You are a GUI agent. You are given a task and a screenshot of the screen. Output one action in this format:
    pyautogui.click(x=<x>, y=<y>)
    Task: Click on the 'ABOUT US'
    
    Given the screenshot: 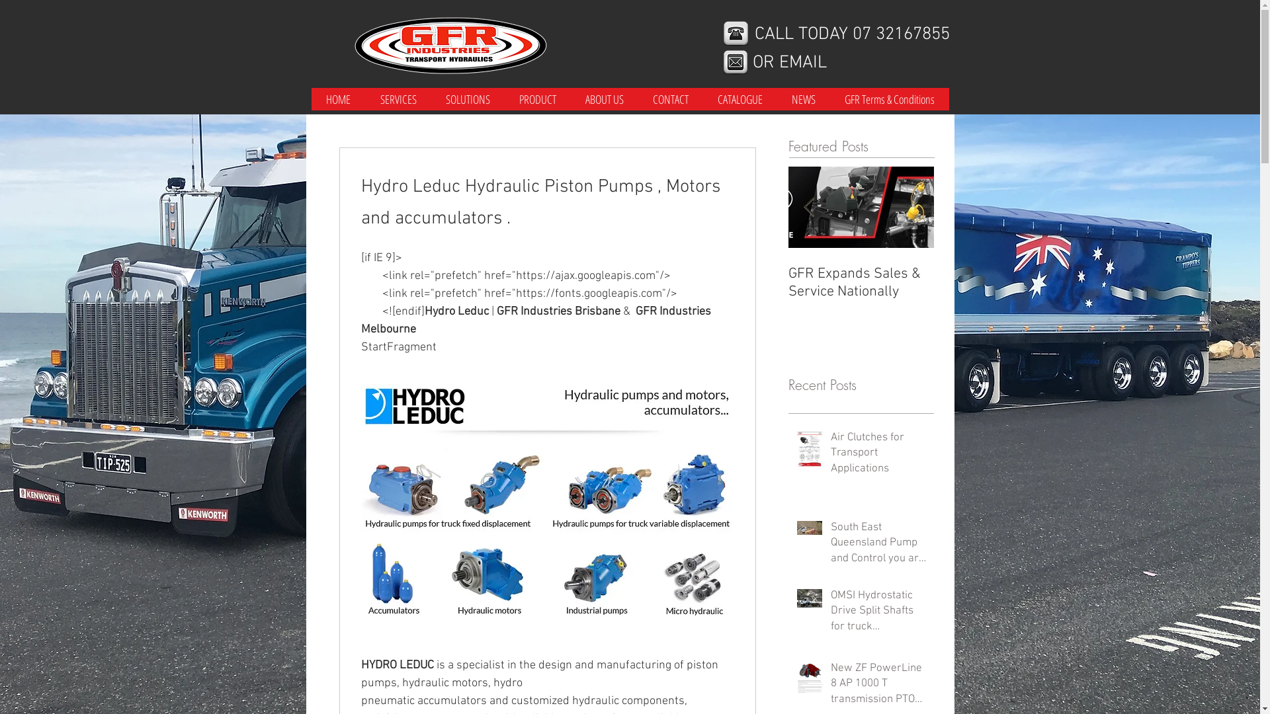 What is the action you would take?
    pyautogui.click(x=603, y=99)
    